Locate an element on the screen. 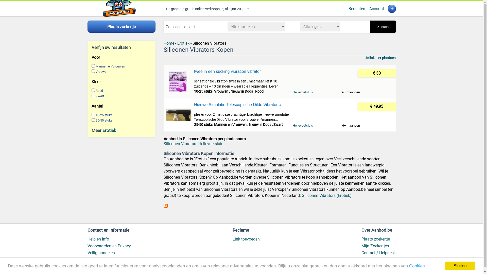 The height and width of the screenshot is (274, 487). '+' is located at coordinates (392, 9).